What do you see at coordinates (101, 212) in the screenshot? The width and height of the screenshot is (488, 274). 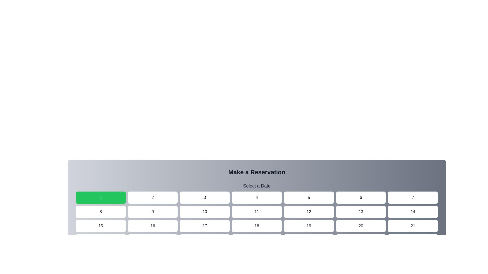 I see `the date selection button labeled '8' located in the second row, first column of the calendar grid` at bounding box center [101, 212].